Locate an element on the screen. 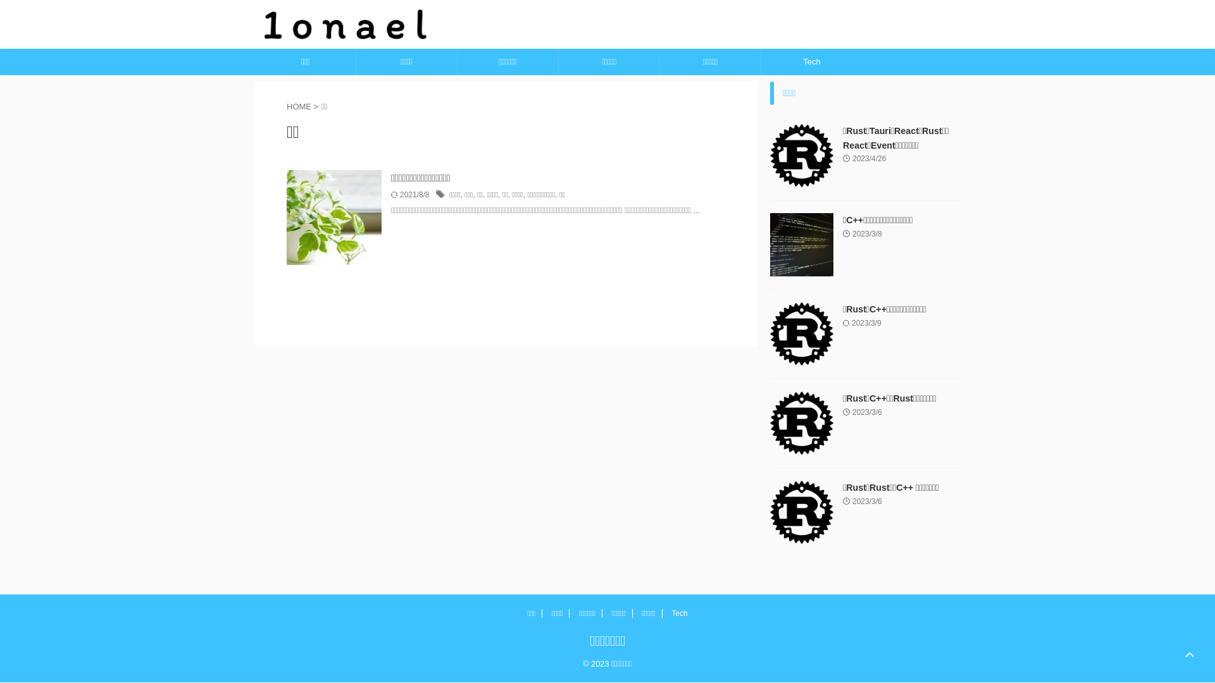 This screenshot has width=1215, height=683. 'HOME' is located at coordinates (285, 106).